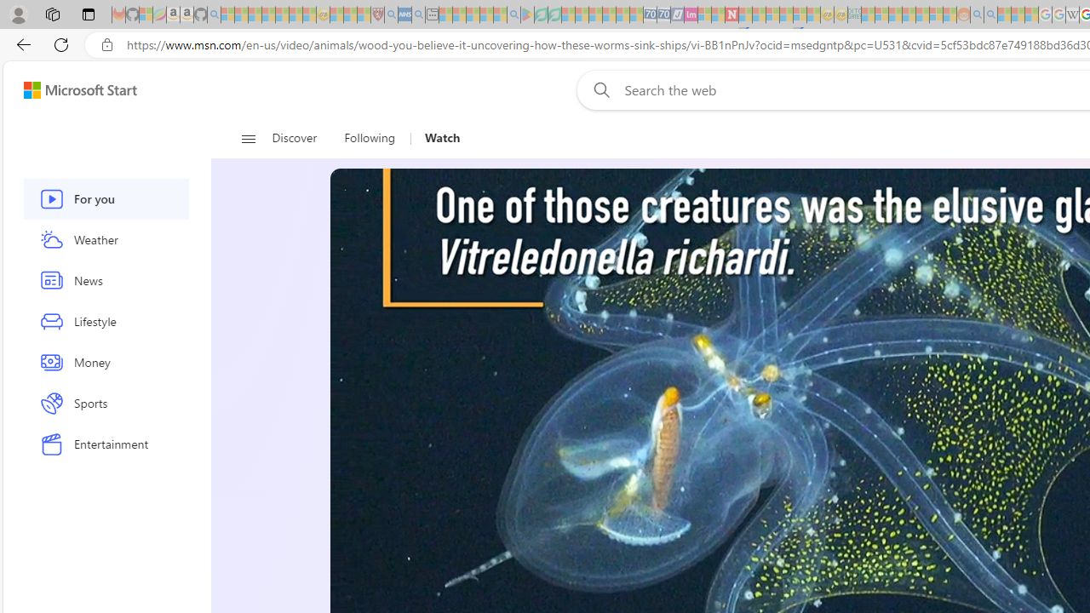  I want to click on 'The Weather Channel - MSN - Sleeping', so click(254, 14).